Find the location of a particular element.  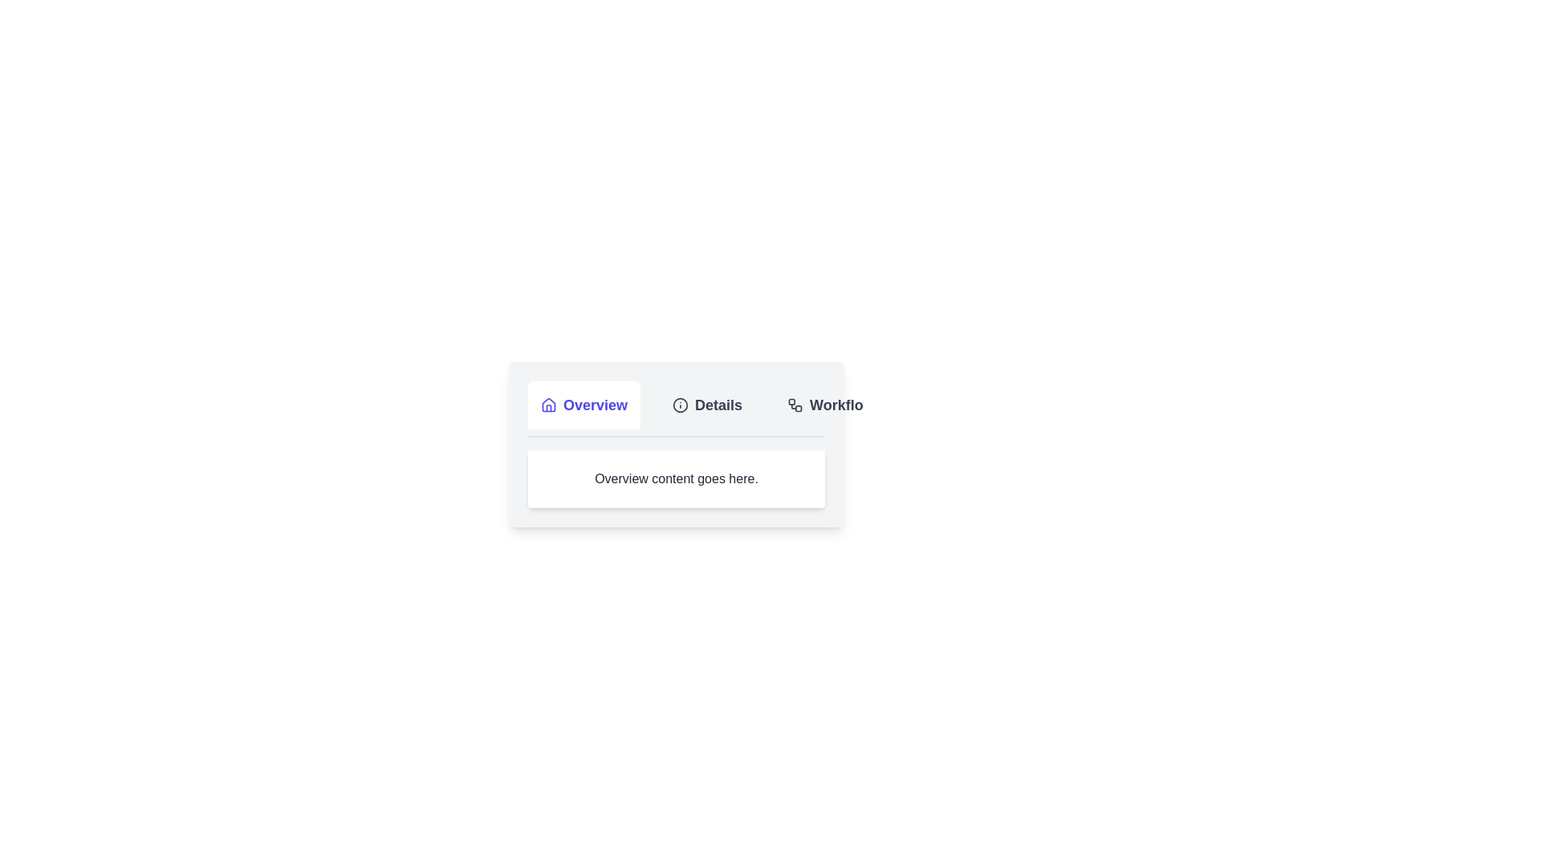

the minimalist house icon associated with the 'Overview' section in the first tab of the tabbed navigation bar is located at coordinates (549, 405).